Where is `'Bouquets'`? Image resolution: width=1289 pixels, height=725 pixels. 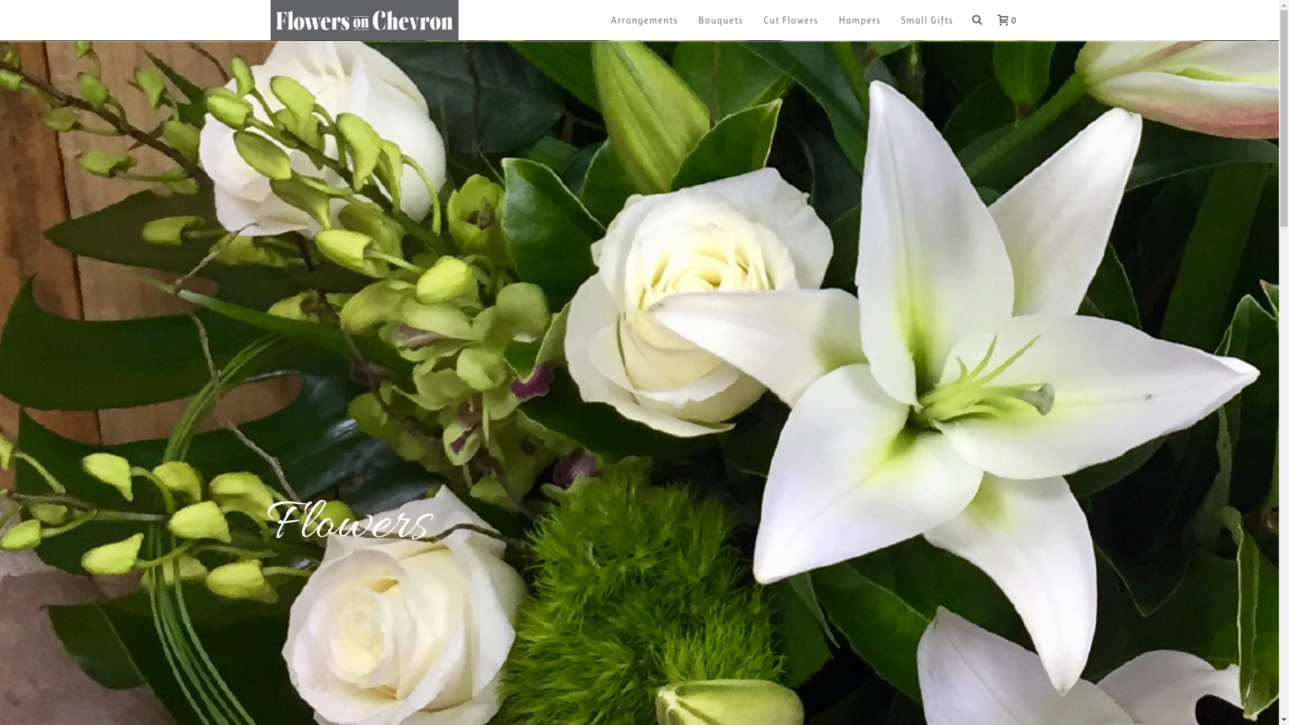
'Bouquets' is located at coordinates (720, 20).